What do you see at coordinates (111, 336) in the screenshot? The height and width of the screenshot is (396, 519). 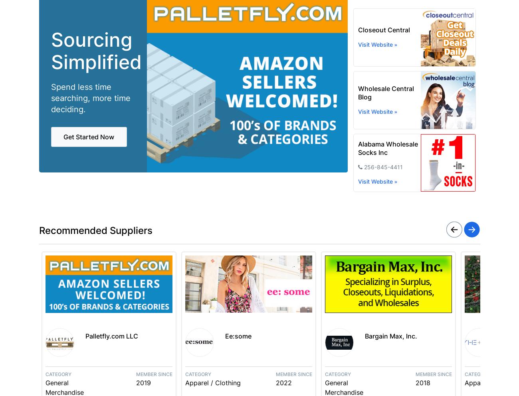 I see `'Palletfly.com LLC'` at bounding box center [111, 336].